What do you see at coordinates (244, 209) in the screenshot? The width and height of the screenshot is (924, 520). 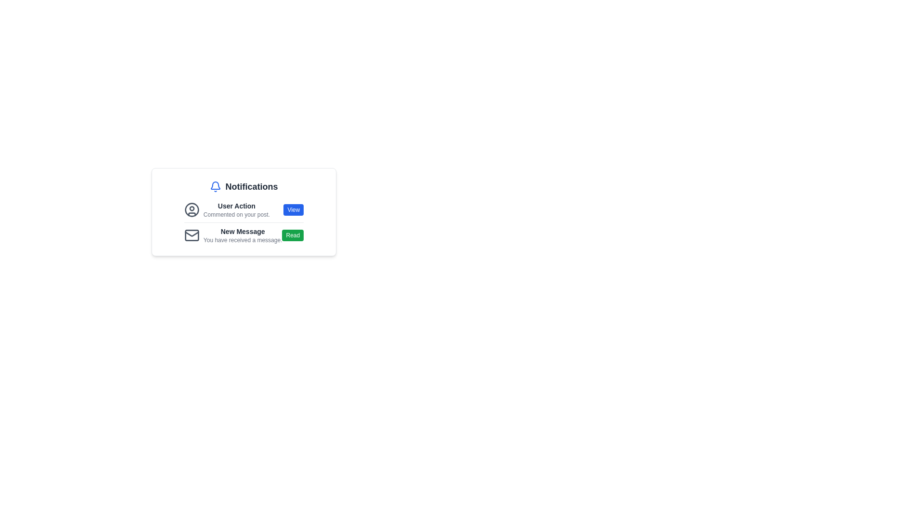 I see `notification content which includes a user profile icon, a bold title 'User Action', and the description 'Commented on your post.'` at bounding box center [244, 209].